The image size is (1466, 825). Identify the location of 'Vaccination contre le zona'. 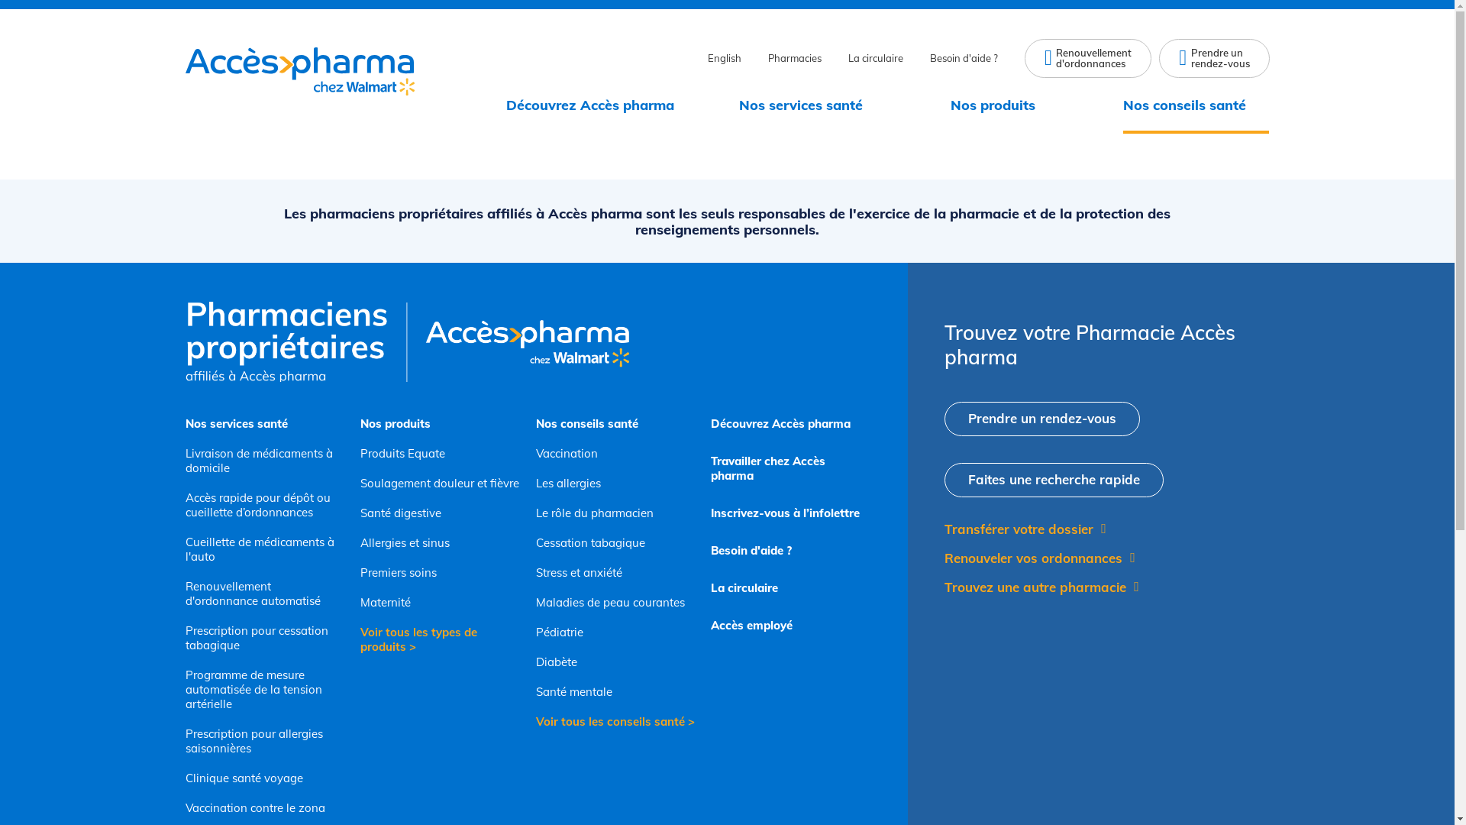
(264, 807).